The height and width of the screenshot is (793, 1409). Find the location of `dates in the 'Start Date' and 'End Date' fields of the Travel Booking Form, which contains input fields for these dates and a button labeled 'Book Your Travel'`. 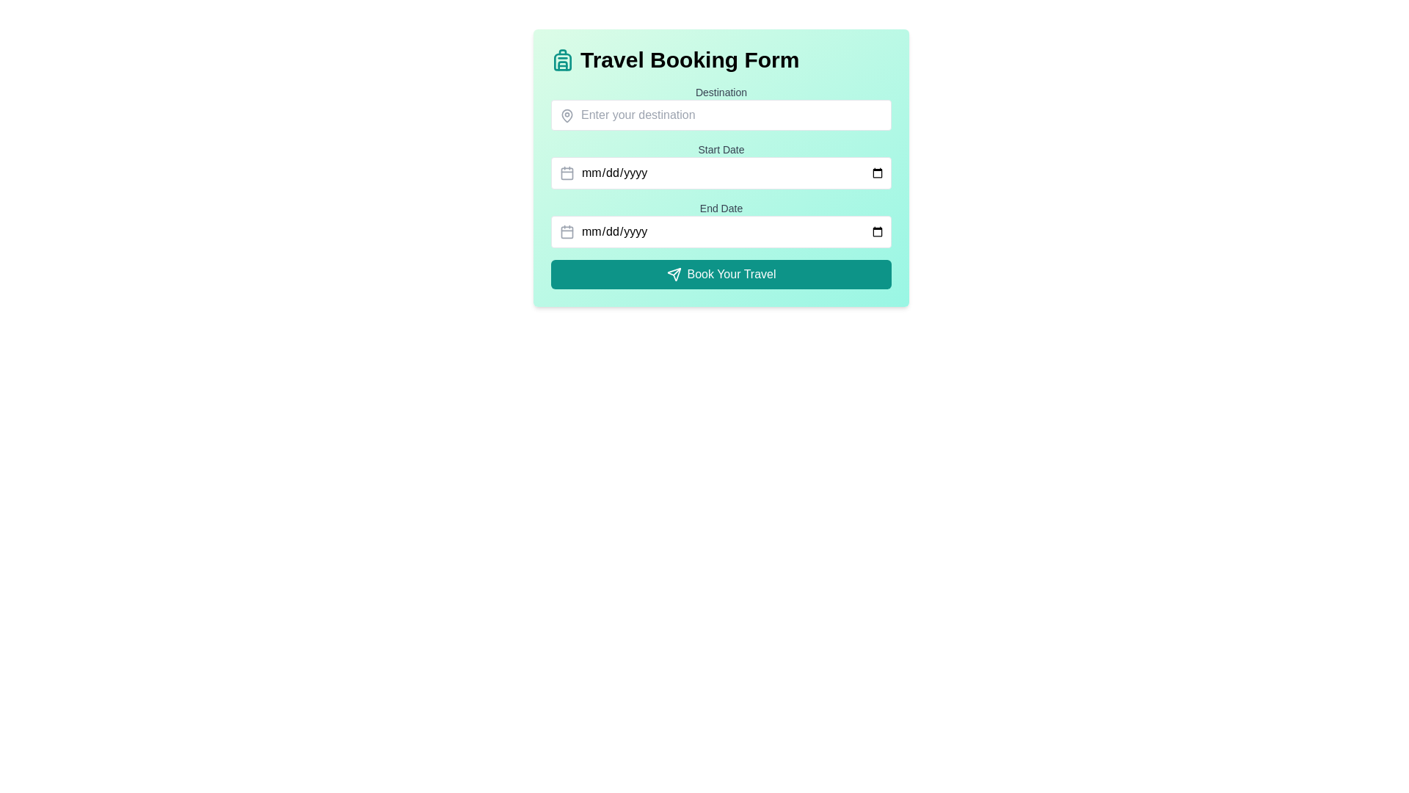

dates in the 'Start Date' and 'End Date' fields of the Travel Booking Form, which contains input fields for these dates and a button labeled 'Book Your Travel' is located at coordinates (721, 186).